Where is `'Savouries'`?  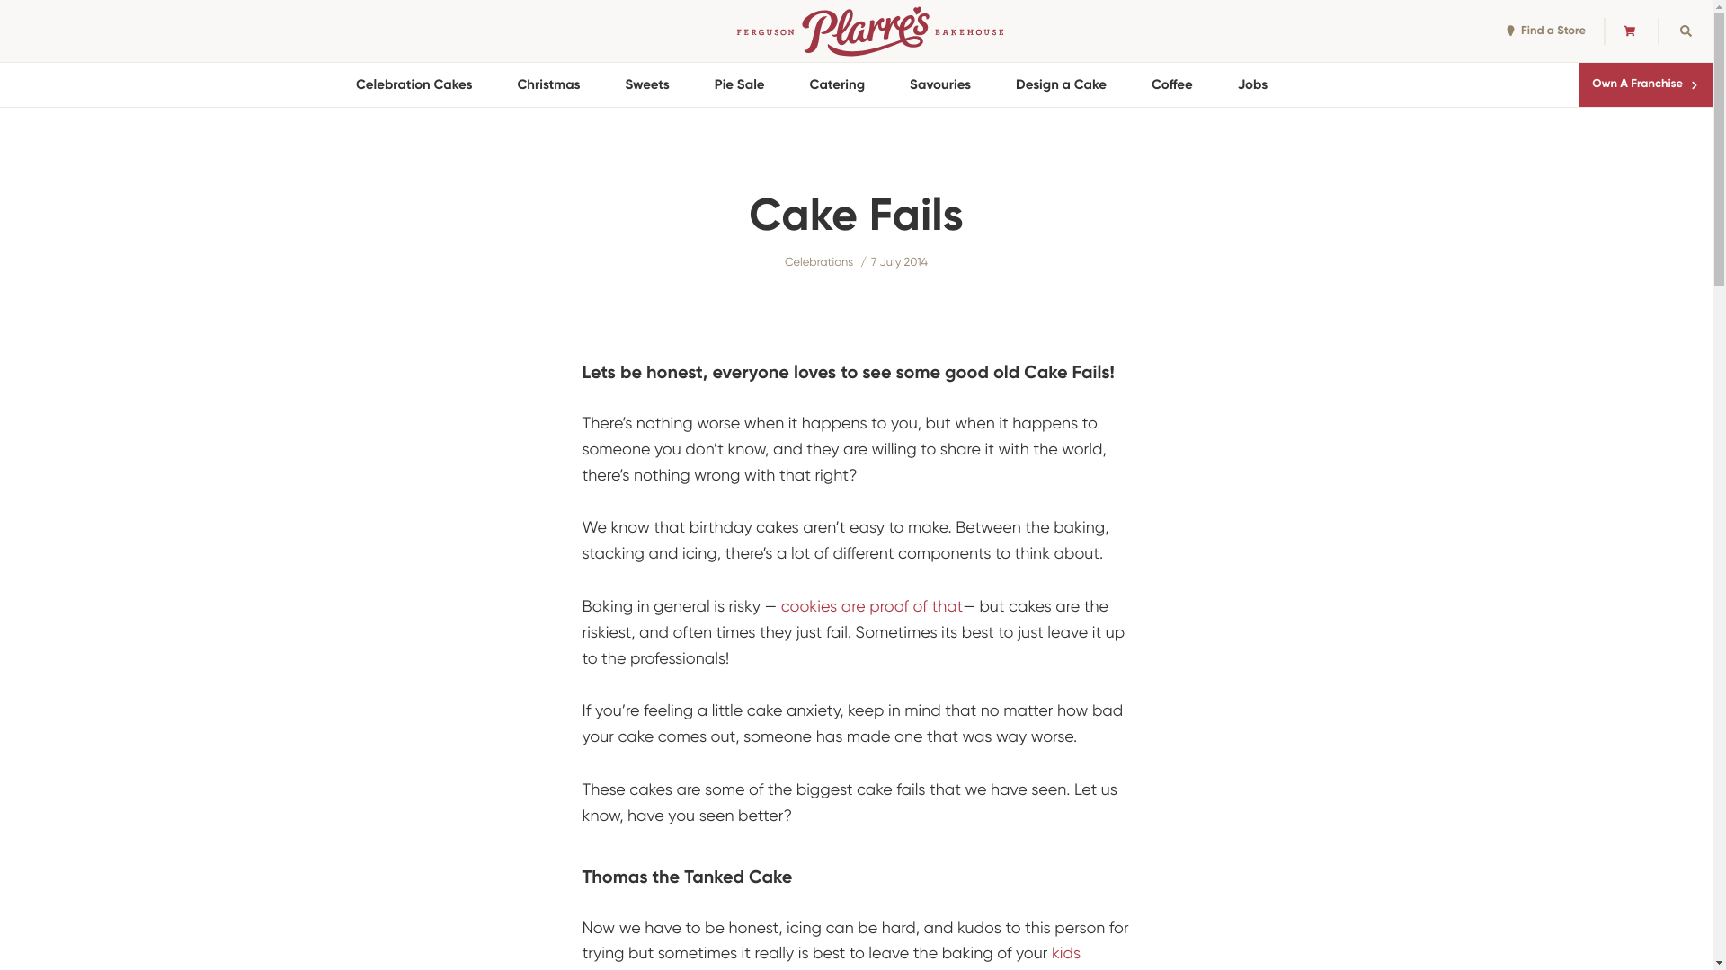 'Savouries' is located at coordinates (939, 84).